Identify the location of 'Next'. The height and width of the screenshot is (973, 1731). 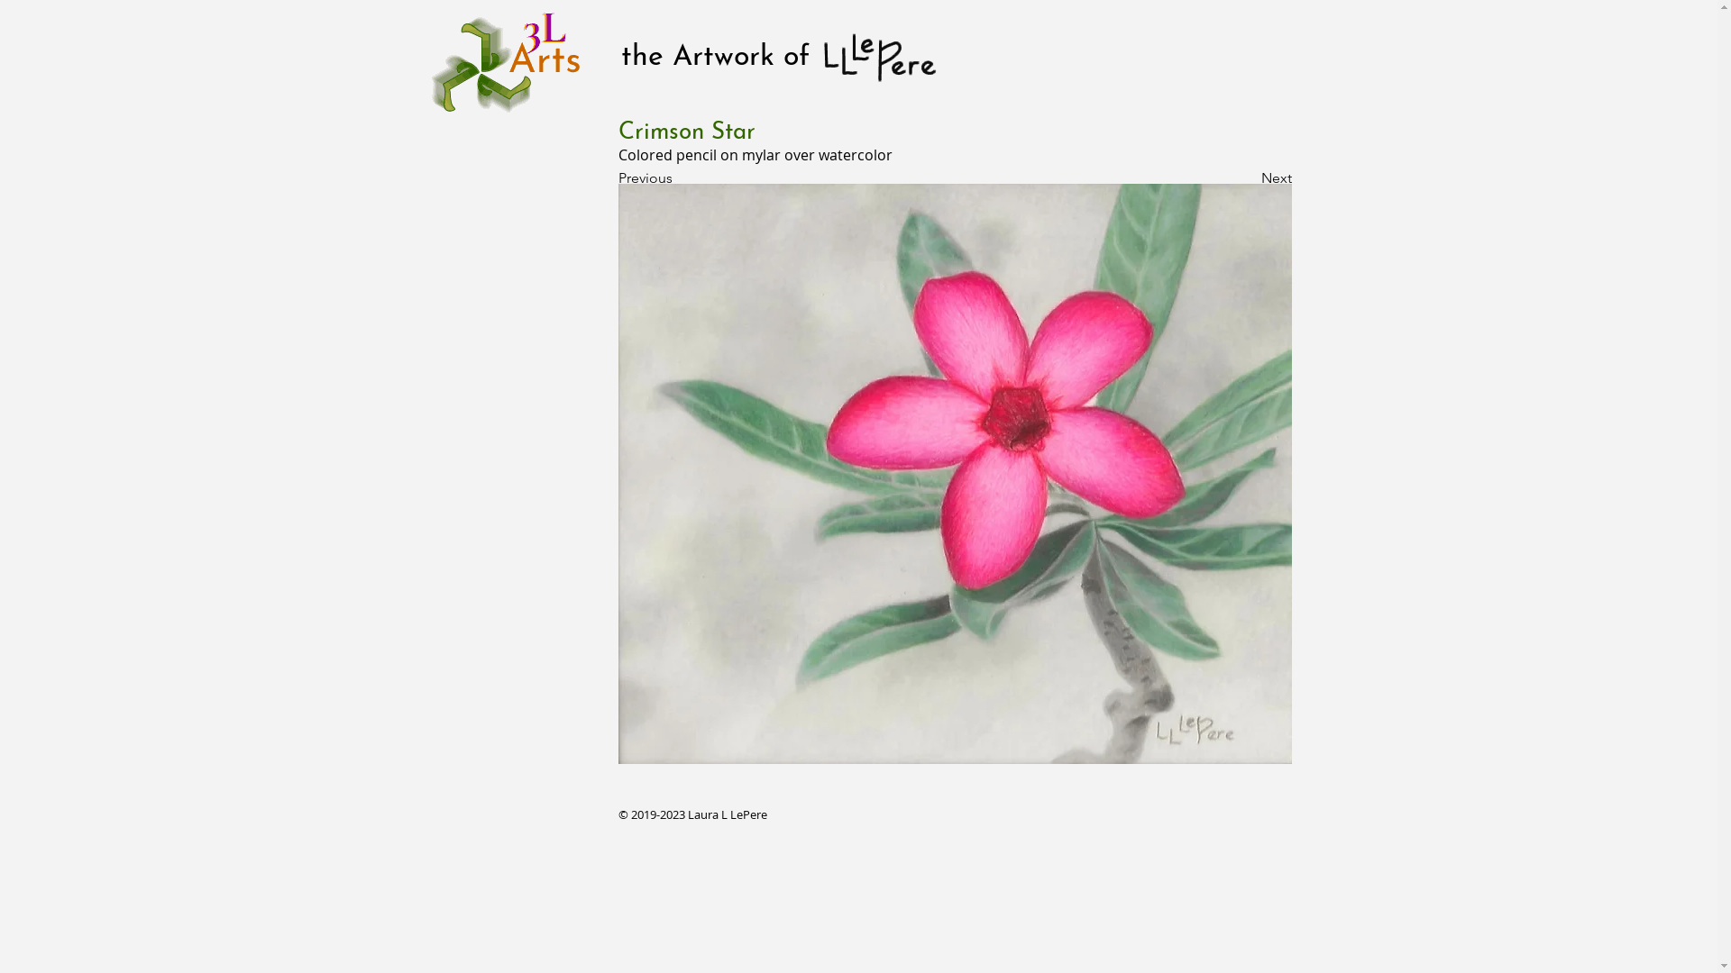
(1200, 177).